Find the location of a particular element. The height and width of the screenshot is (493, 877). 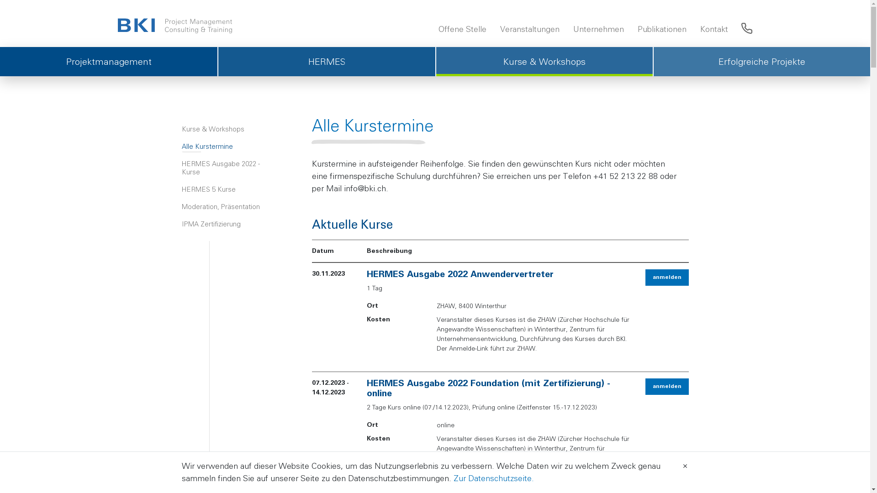

'Publikationen' is located at coordinates (661, 29).